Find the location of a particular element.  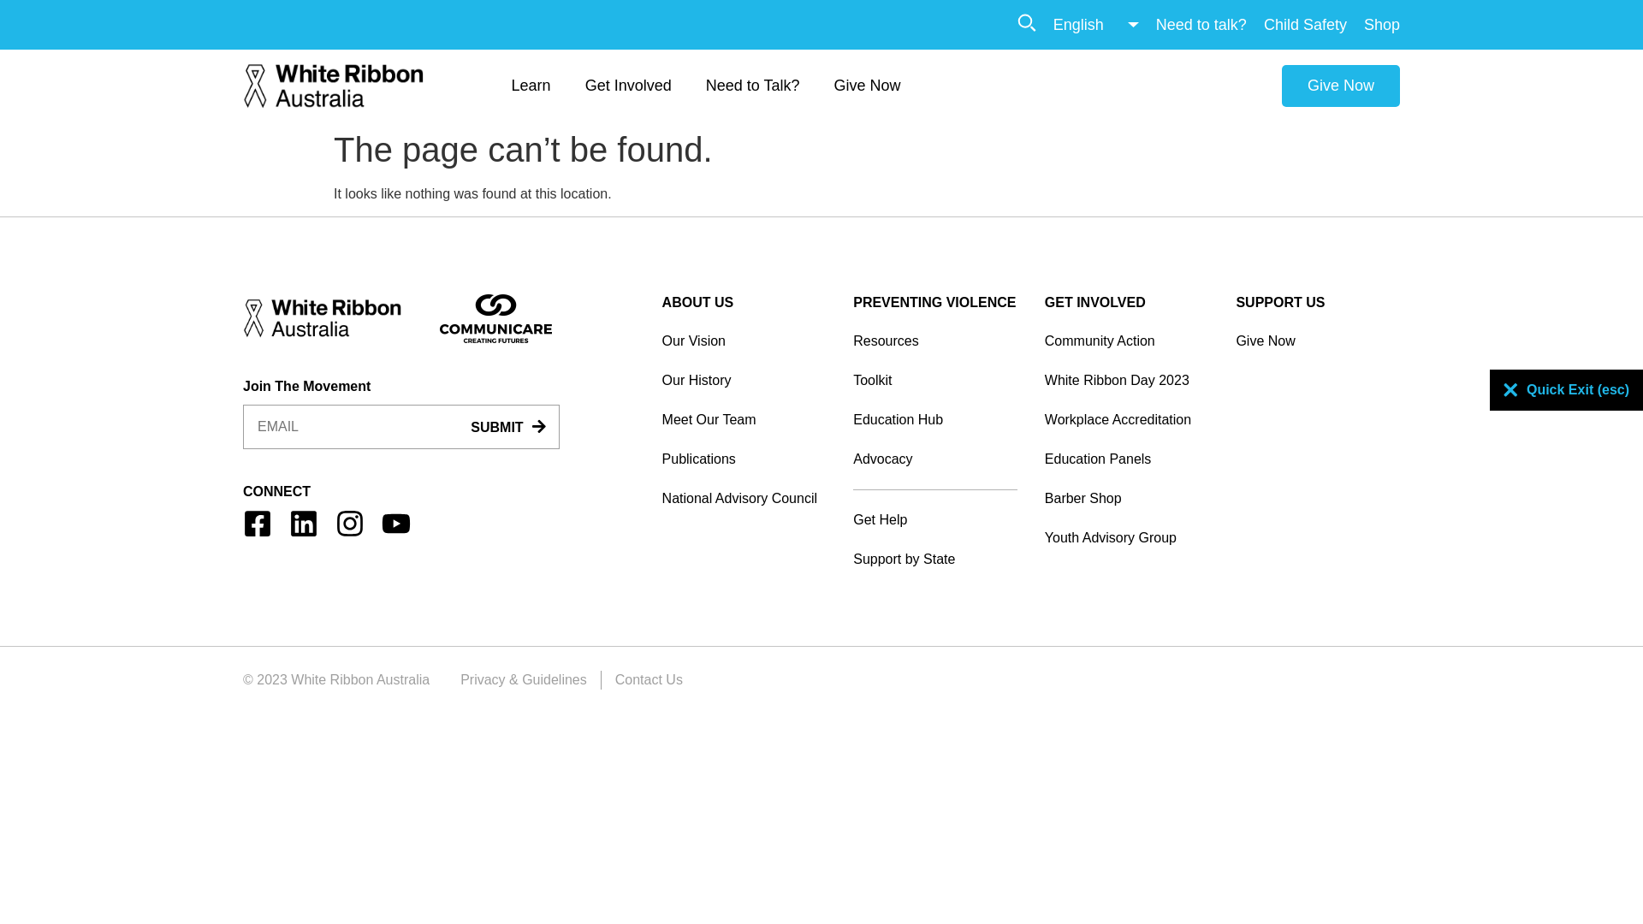

'Our Vision' is located at coordinates (744, 341).